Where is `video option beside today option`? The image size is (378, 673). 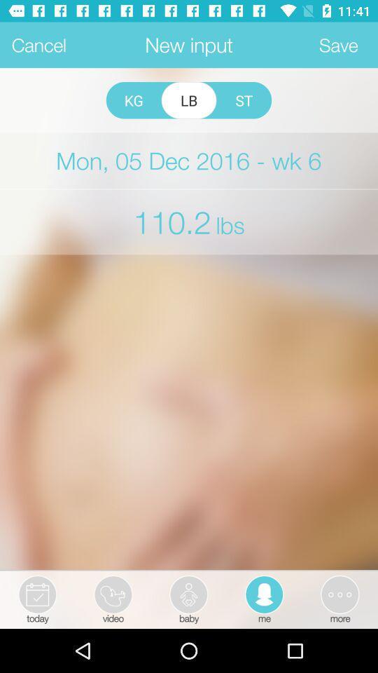 video option beside today option is located at coordinates (113, 598).